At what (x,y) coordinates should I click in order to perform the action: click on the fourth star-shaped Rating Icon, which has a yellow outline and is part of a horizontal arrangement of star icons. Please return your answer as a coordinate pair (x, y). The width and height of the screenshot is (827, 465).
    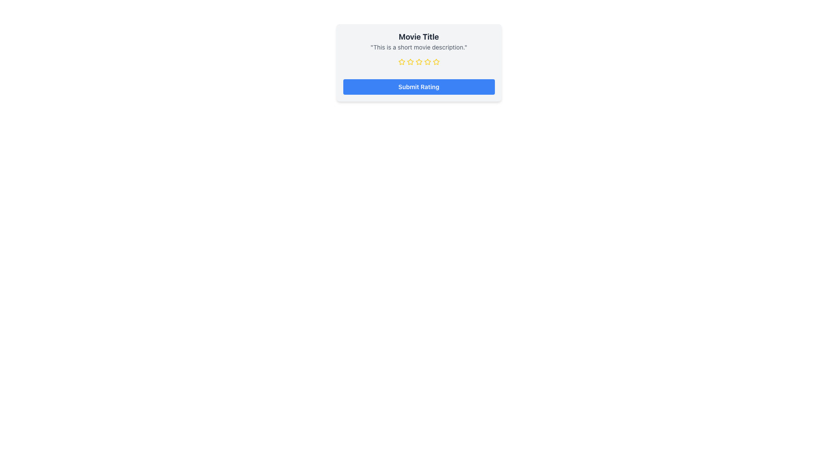
    Looking at the image, I should click on (419, 61).